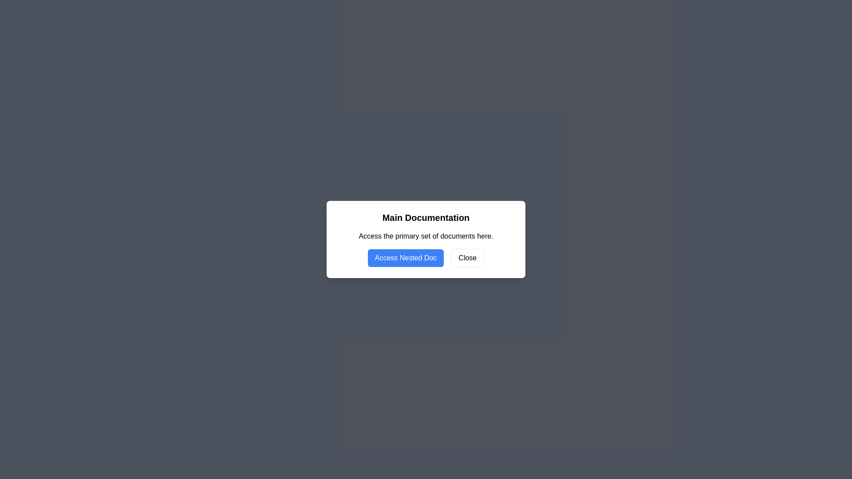 This screenshot has height=479, width=852. What do you see at coordinates (426, 236) in the screenshot?
I see `the Text label that provides information on accessing documents, which is centrally located below the 'Main Documentation' title and above the buttons 'Access Nested Doc' and 'Close'` at bounding box center [426, 236].